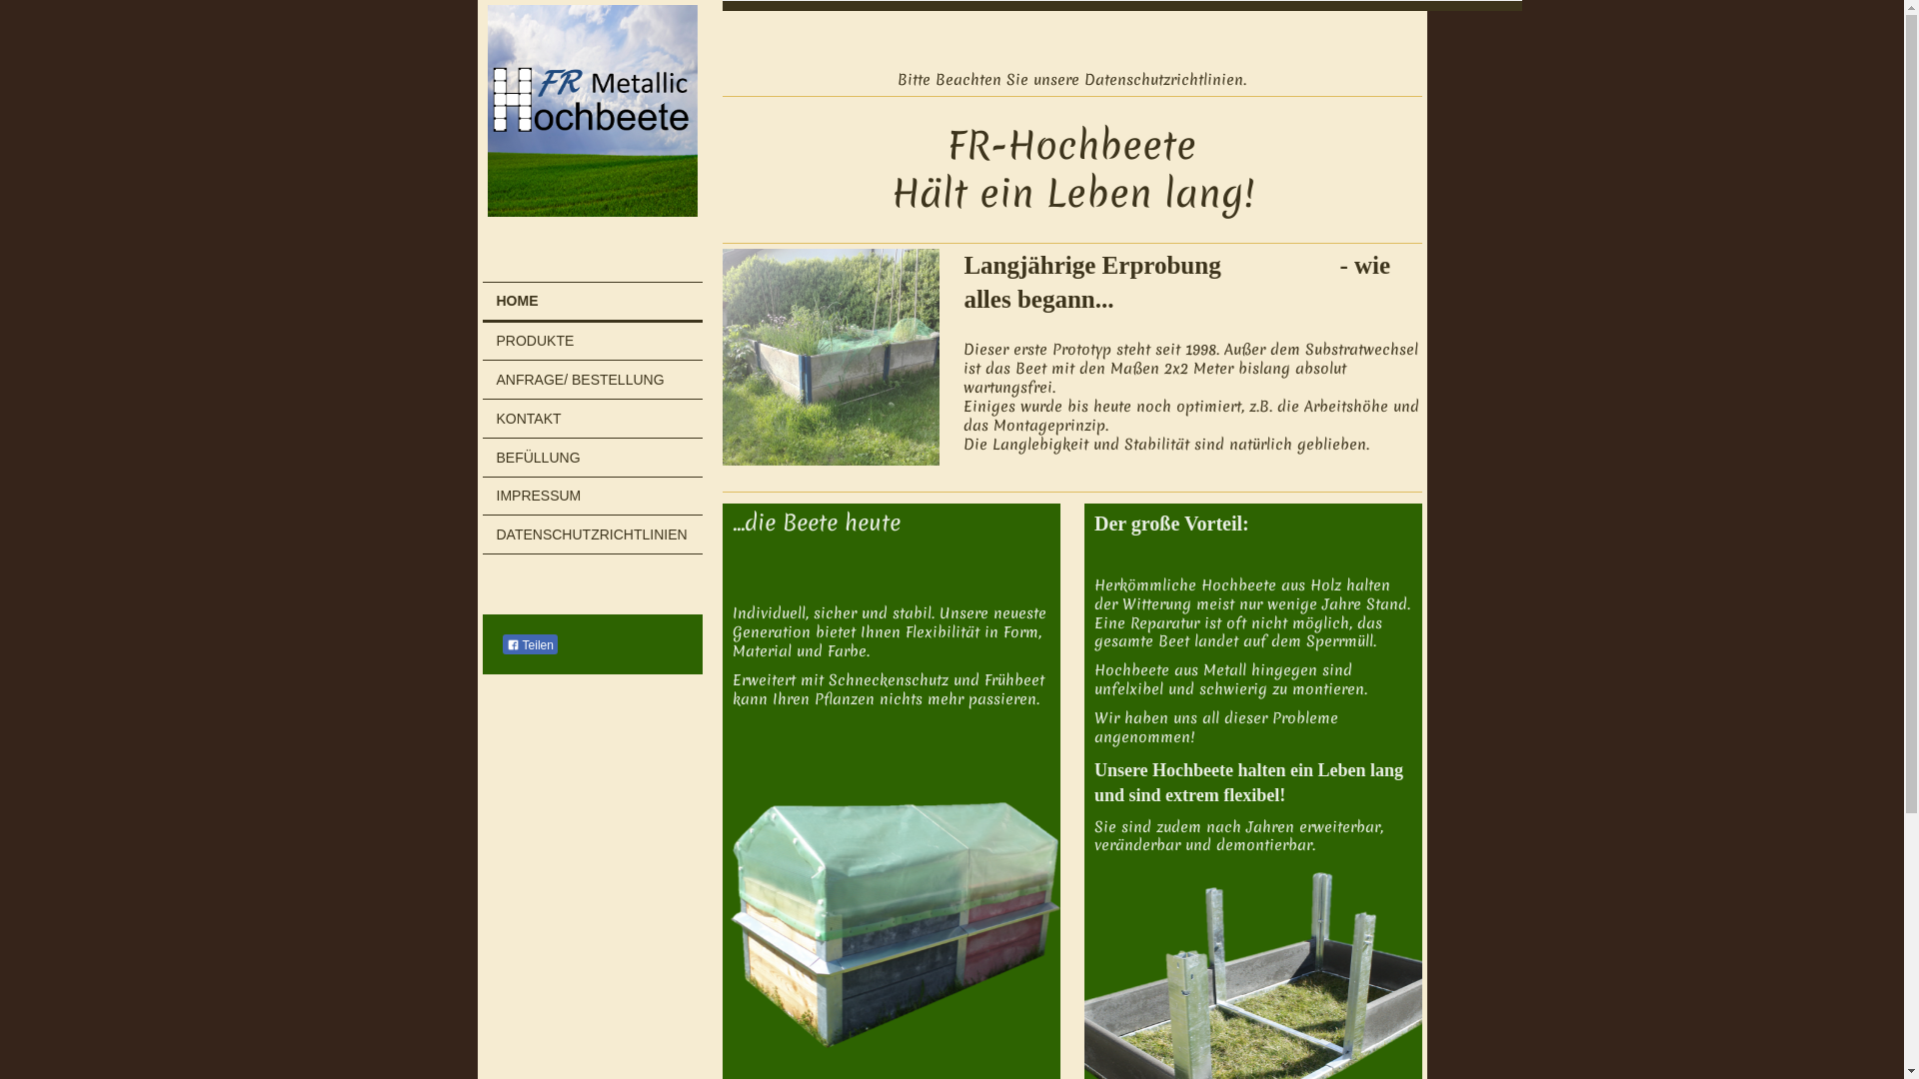 Image resolution: width=1919 pixels, height=1079 pixels. I want to click on 'DATENSCHUTZRICHTLINIEN', so click(481, 534).